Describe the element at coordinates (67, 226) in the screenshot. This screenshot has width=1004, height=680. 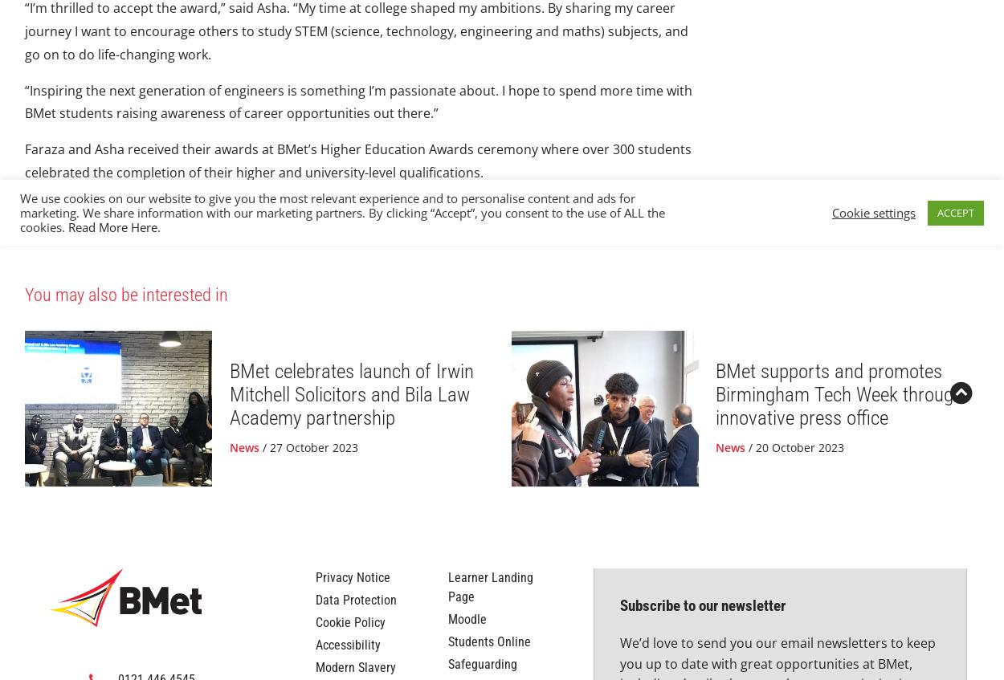
I see `'Read More Here'` at that location.